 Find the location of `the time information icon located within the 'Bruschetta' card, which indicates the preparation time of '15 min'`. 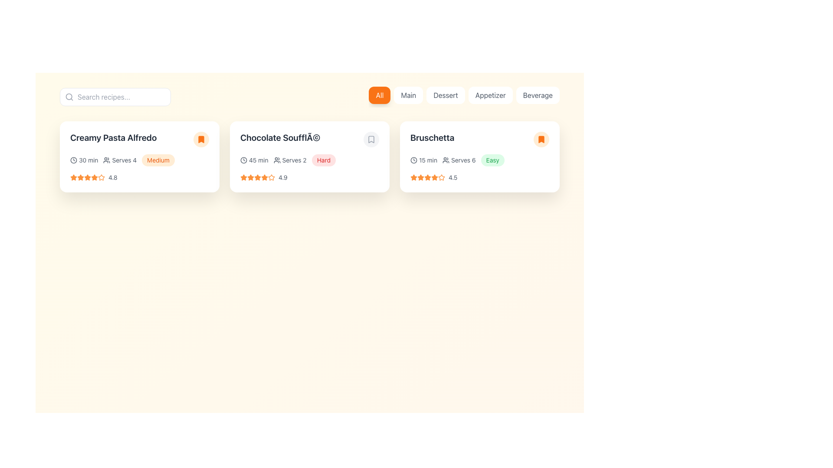

the time information icon located within the 'Bruschetta' card, which indicates the preparation time of '15 min' is located at coordinates (413, 160).